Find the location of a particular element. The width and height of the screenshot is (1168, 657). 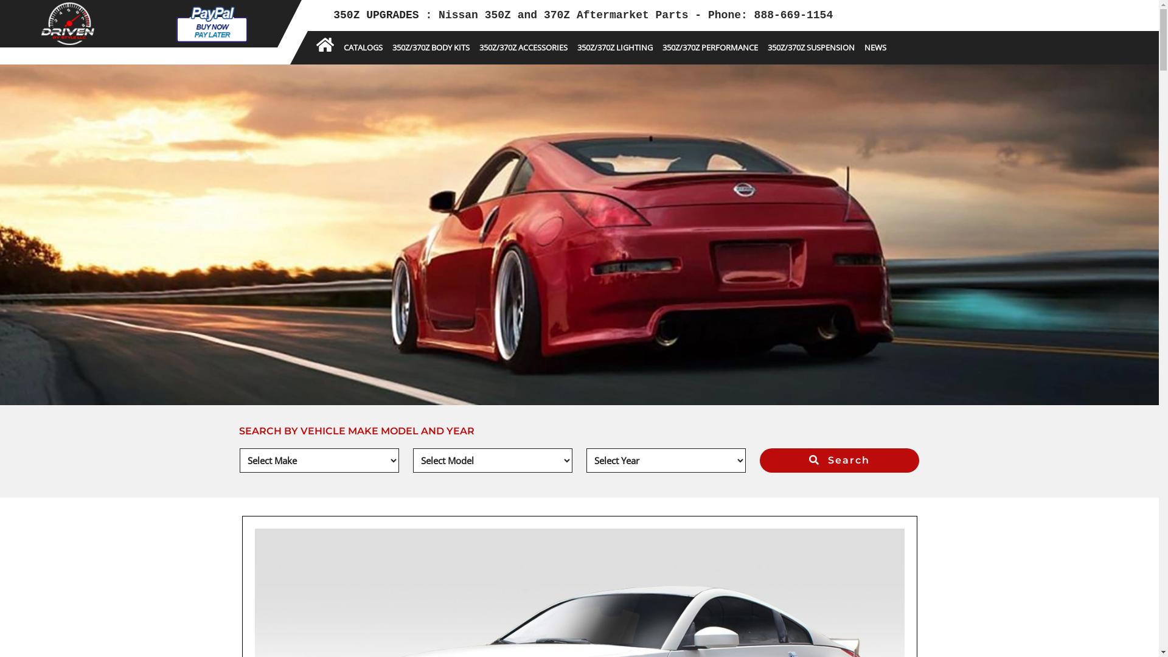

'350Z/370Z ACCESSORIES' is located at coordinates (523, 47).